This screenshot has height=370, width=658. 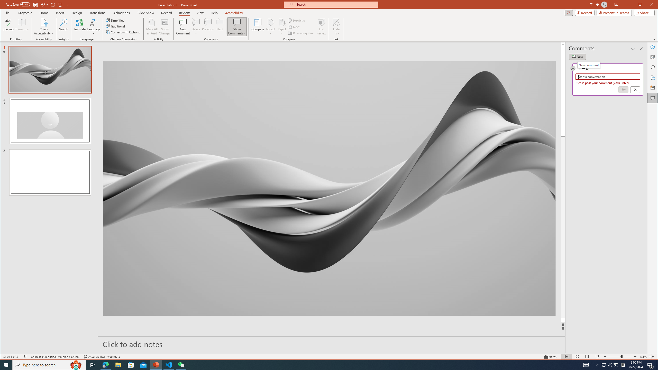 I want to click on 'Redo', so click(x=53, y=4).